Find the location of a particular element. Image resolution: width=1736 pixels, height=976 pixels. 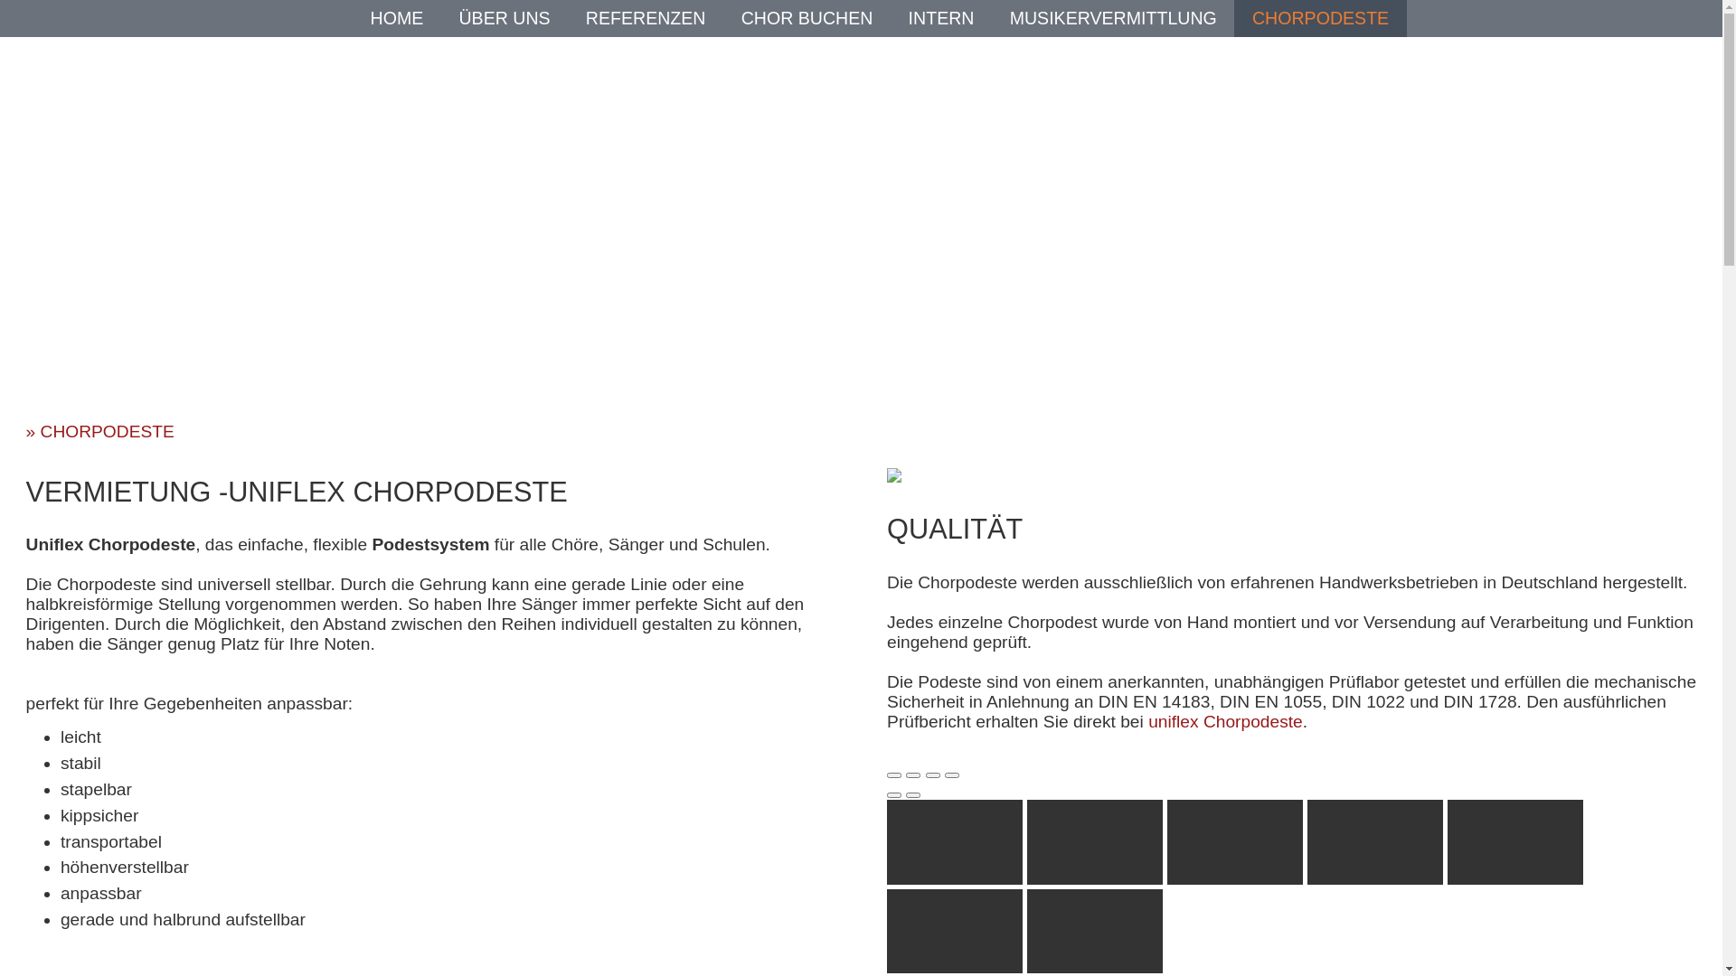

'HOME' is located at coordinates (396, 17).